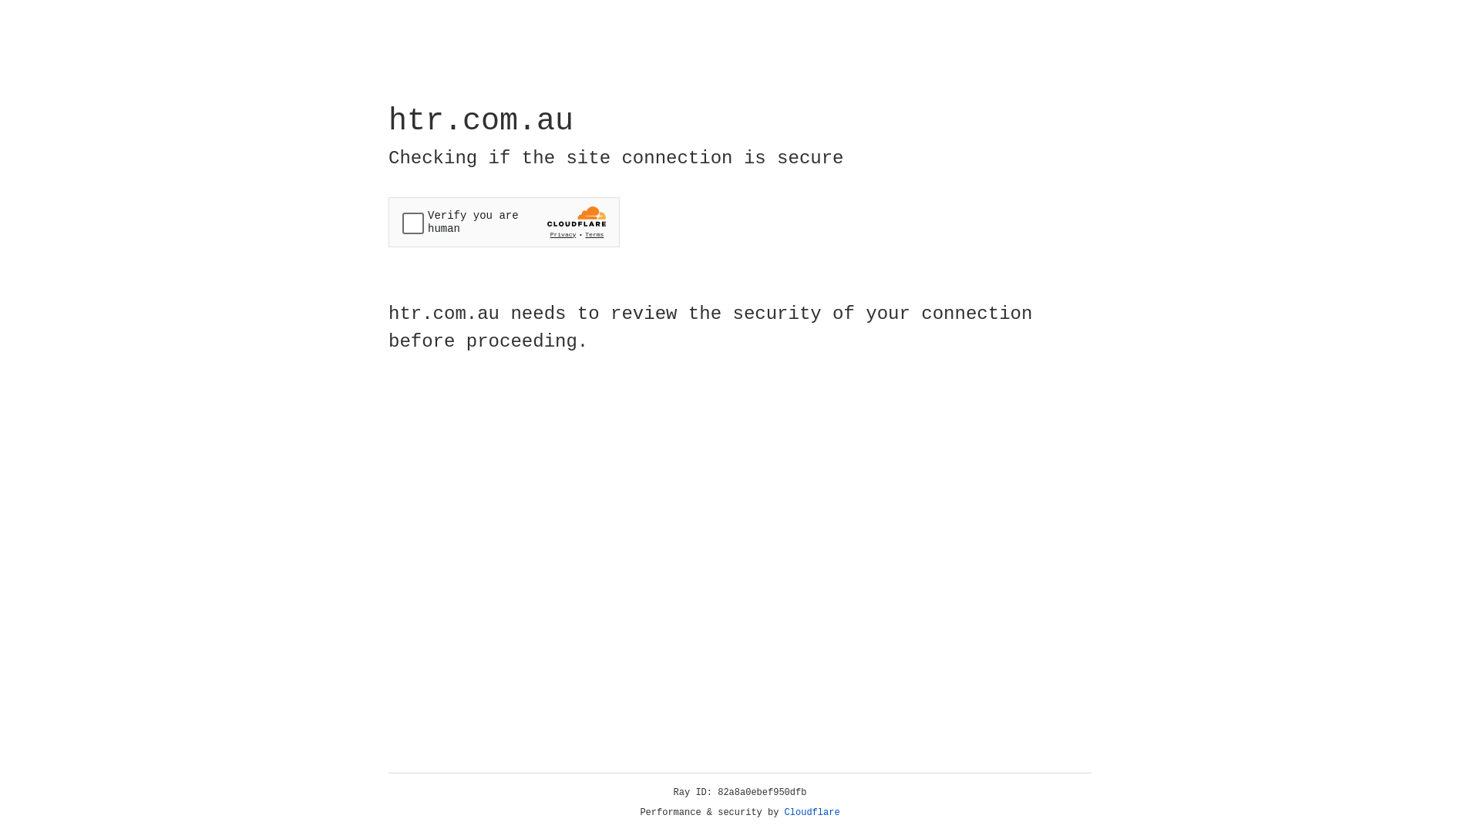  Describe the element at coordinates (503, 222) in the screenshot. I see `'Widget containing a Cloudflare security challenge'` at that location.